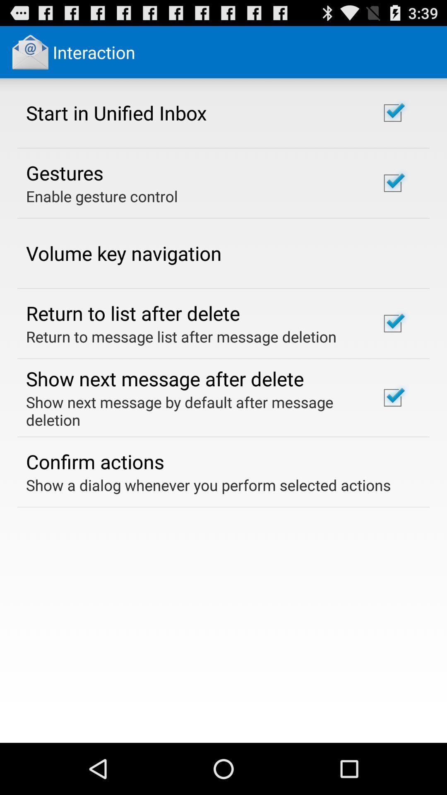  What do you see at coordinates (64, 172) in the screenshot?
I see `item above the enable gesture control icon` at bounding box center [64, 172].